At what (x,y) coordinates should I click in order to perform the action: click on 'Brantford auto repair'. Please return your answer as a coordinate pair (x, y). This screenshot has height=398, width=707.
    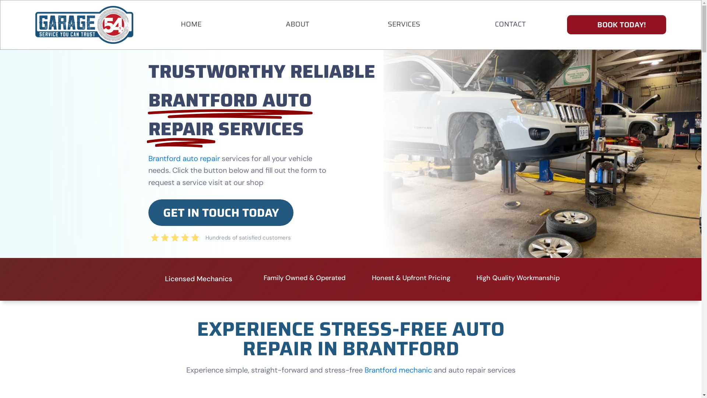
    Looking at the image, I should click on (184, 158).